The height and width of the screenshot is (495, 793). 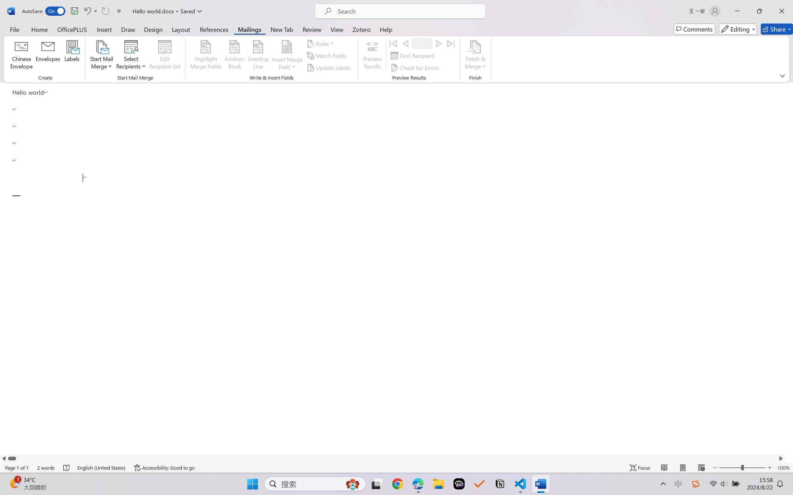 I want to click on 'Select Recipients', so click(x=131, y=56).